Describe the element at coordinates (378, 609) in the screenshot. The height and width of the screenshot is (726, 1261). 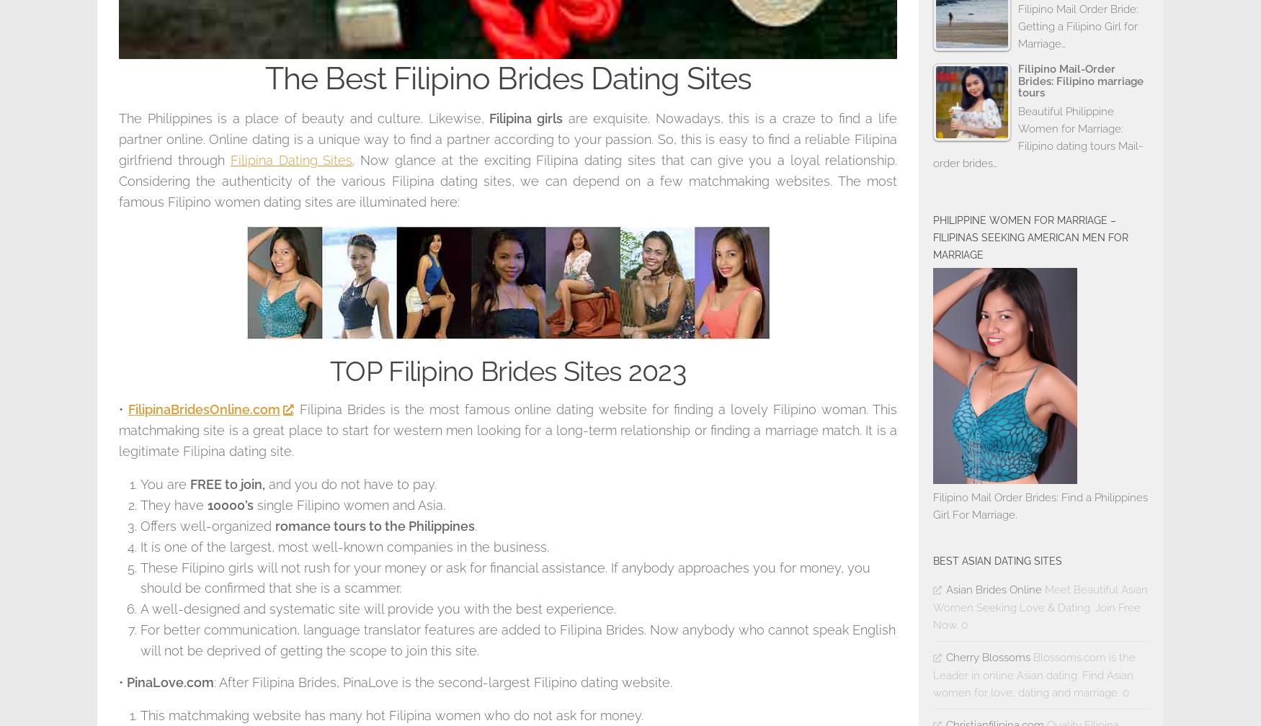
I see `'A well-designed and systematic site will provide you with the best experience.'` at that location.